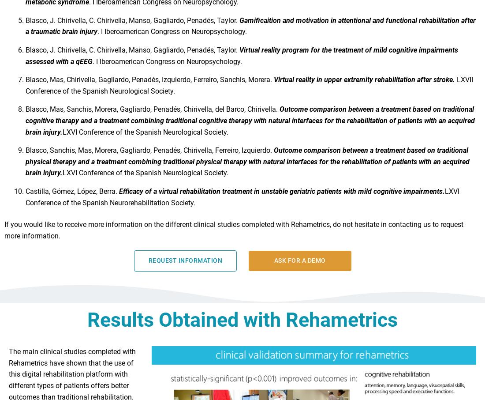  I want to click on 'If you would like to receive more information on the different clinical studies completed with Rehametrics, do not hesitate in contacting us to request more information.', so click(4, 234).